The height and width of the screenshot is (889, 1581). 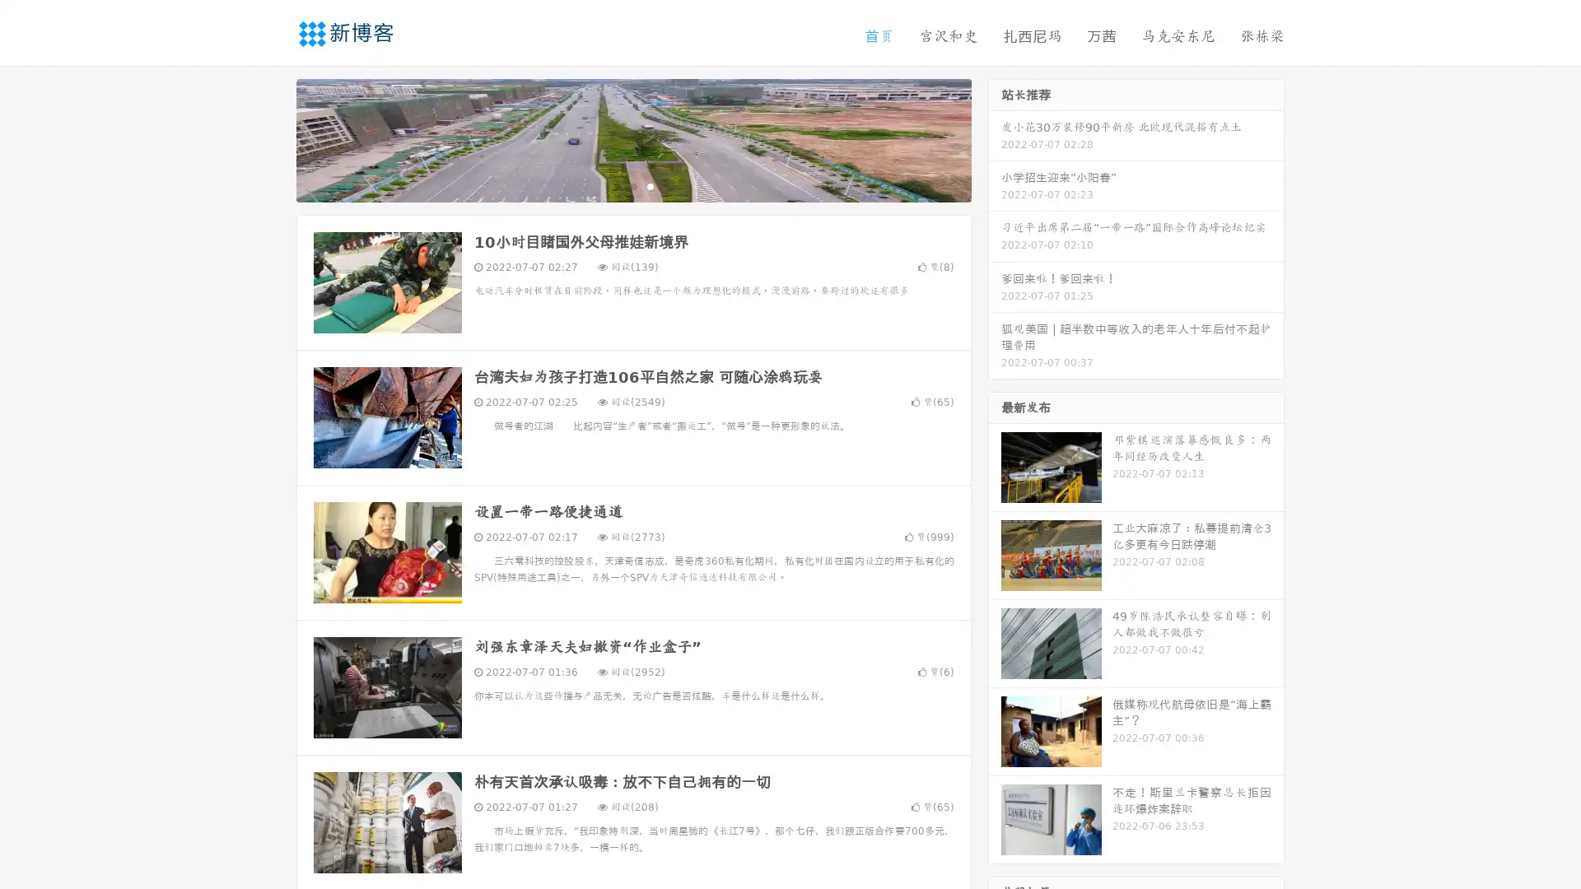 I want to click on Go to slide 3, so click(x=650, y=185).